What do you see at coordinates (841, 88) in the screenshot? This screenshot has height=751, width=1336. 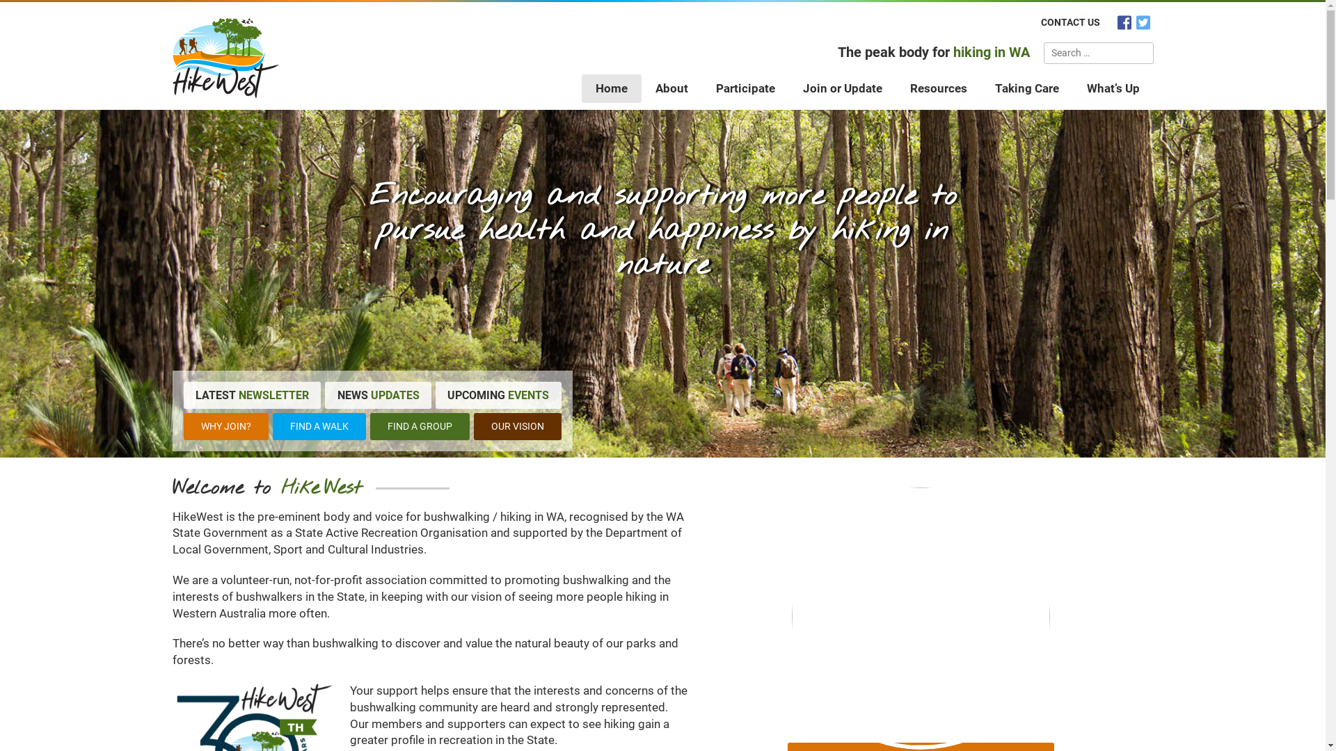 I see `'Join or Update'` at bounding box center [841, 88].